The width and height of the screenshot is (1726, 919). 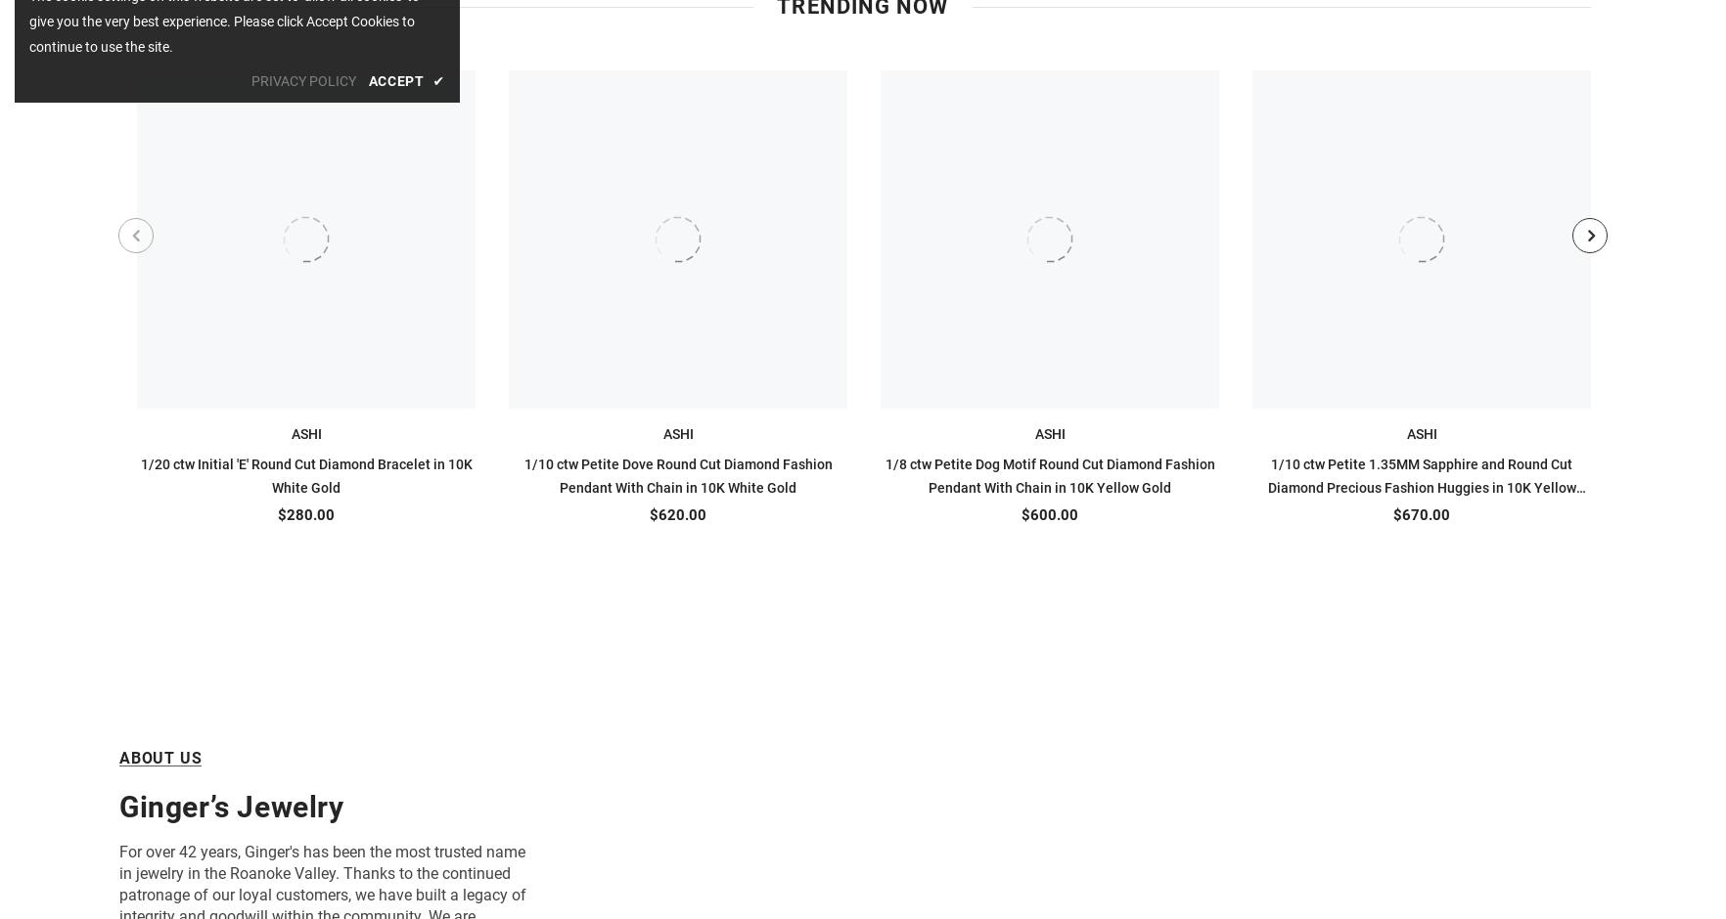 I want to click on '1/8 ctw Petite Dog Motif Round Cut Diamond Fashion Pendant With Chain in 10K Yellow Gold', so click(x=885, y=474).